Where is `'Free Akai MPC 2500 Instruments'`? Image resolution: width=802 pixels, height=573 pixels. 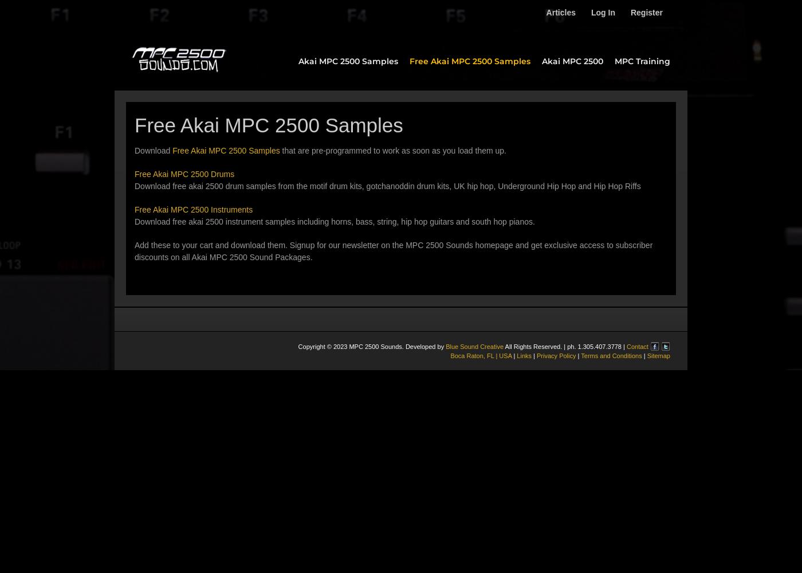
'Free Akai MPC 2500 Instruments' is located at coordinates (193, 209).